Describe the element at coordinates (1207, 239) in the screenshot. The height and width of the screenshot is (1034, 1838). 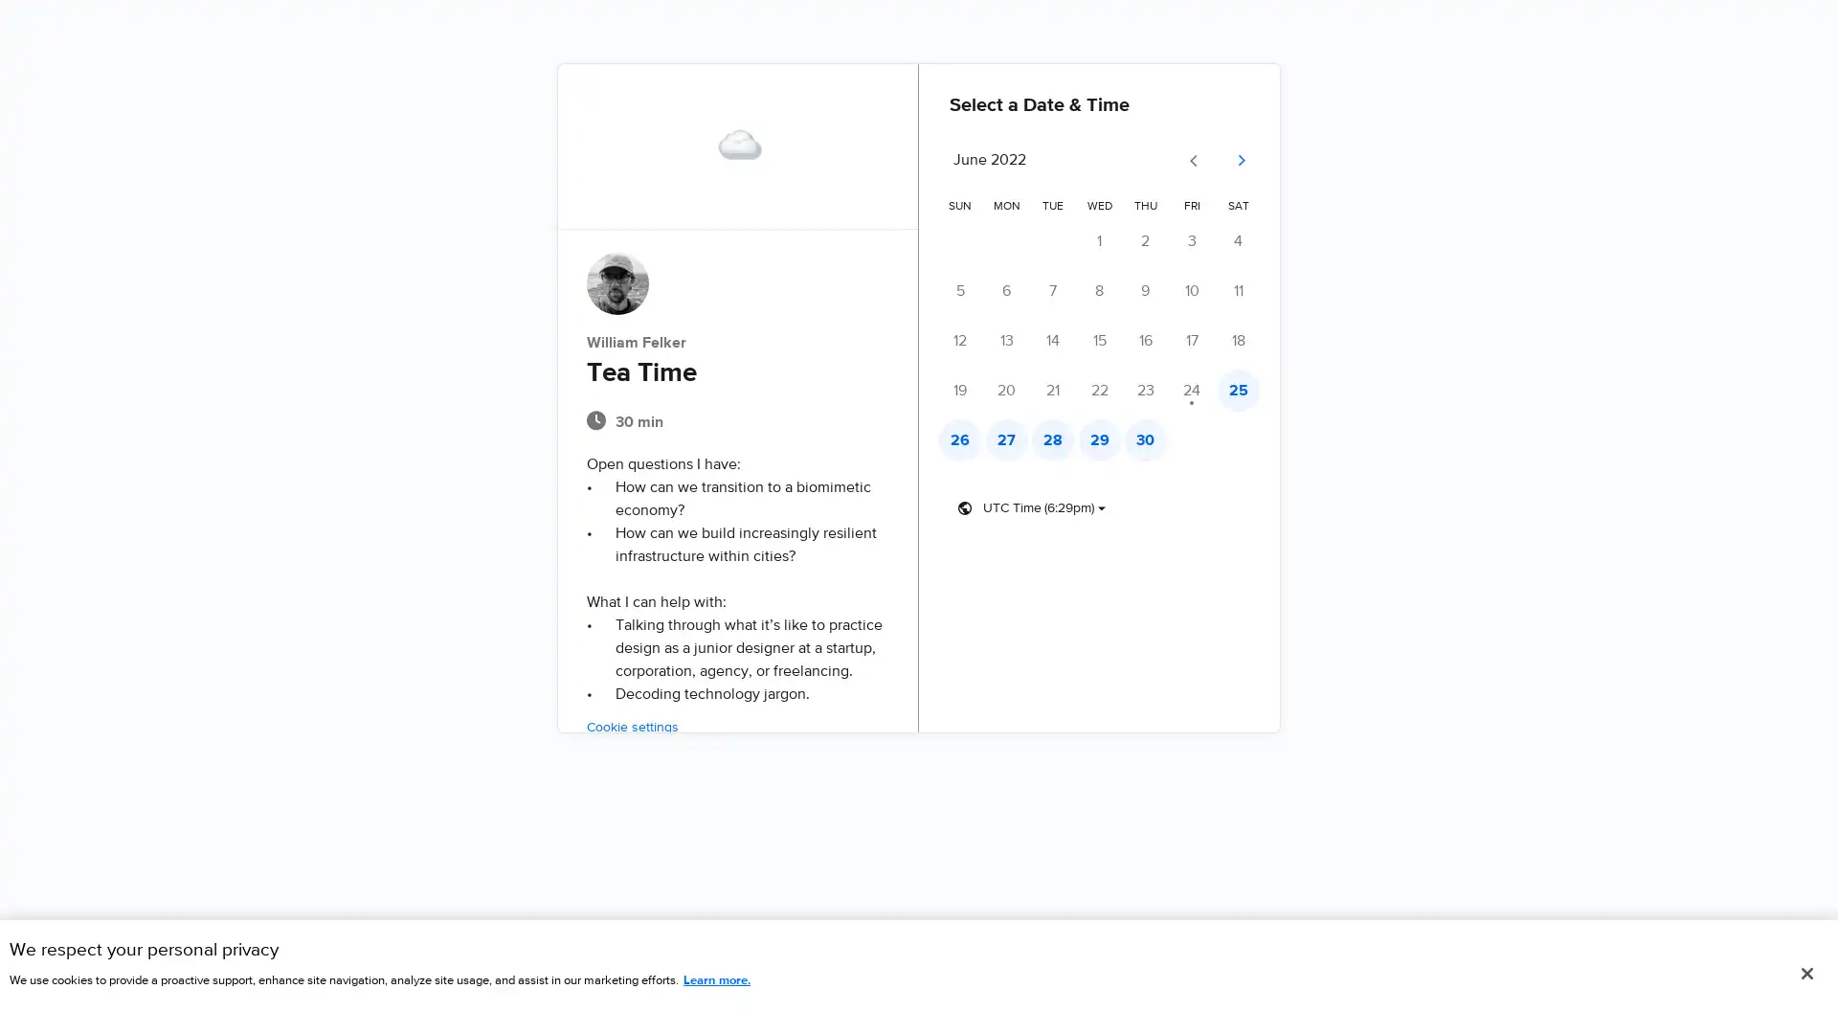
I see `Friday, June 3 - No times available` at that location.